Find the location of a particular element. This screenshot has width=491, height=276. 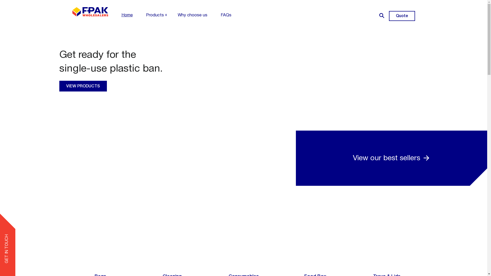

'Why choose us' is located at coordinates (192, 15).